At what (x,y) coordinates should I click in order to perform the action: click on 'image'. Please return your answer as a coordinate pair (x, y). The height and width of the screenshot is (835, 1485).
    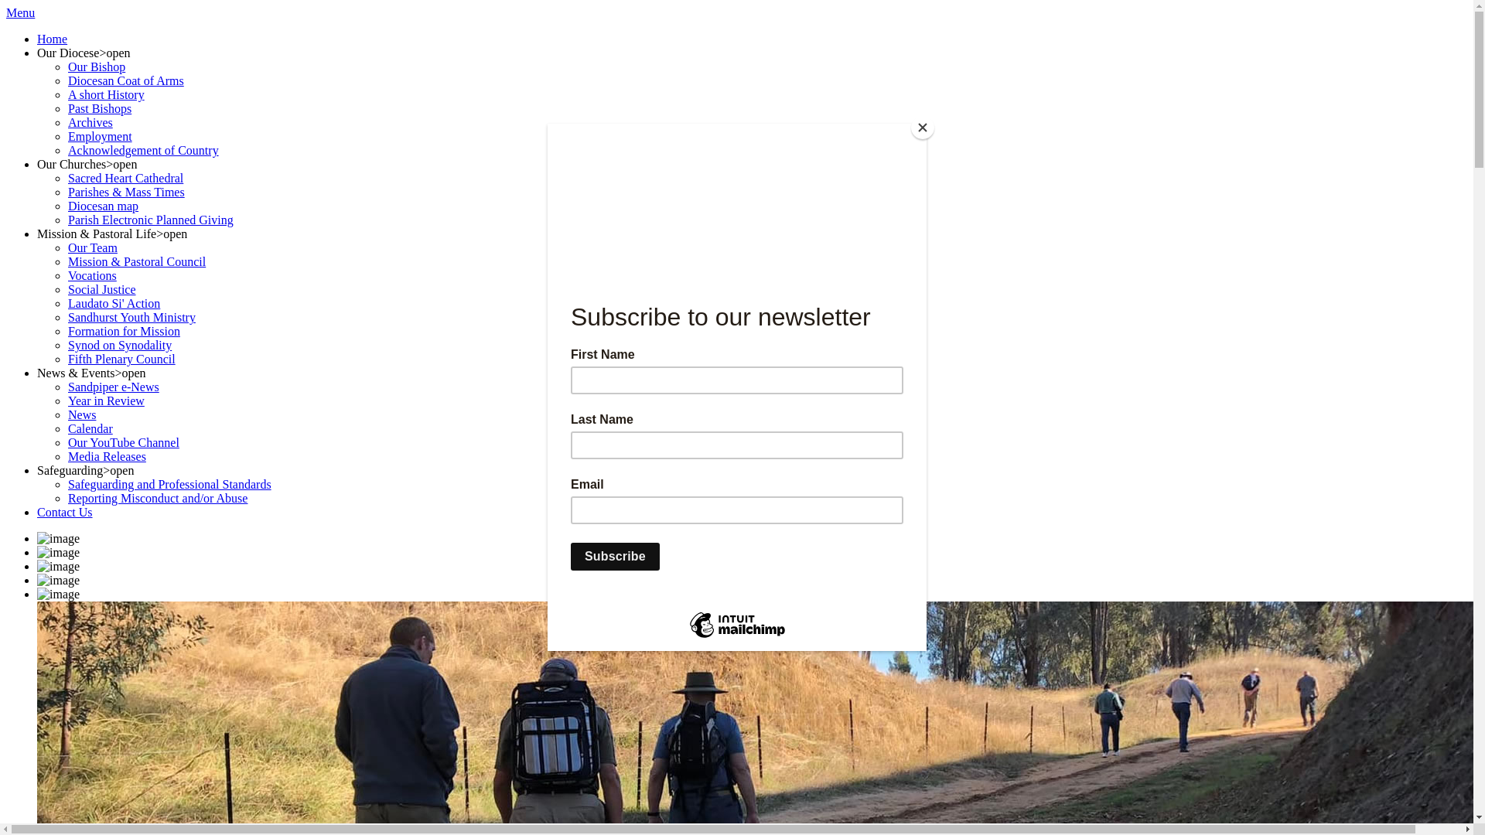
    Looking at the image, I should click on (58, 593).